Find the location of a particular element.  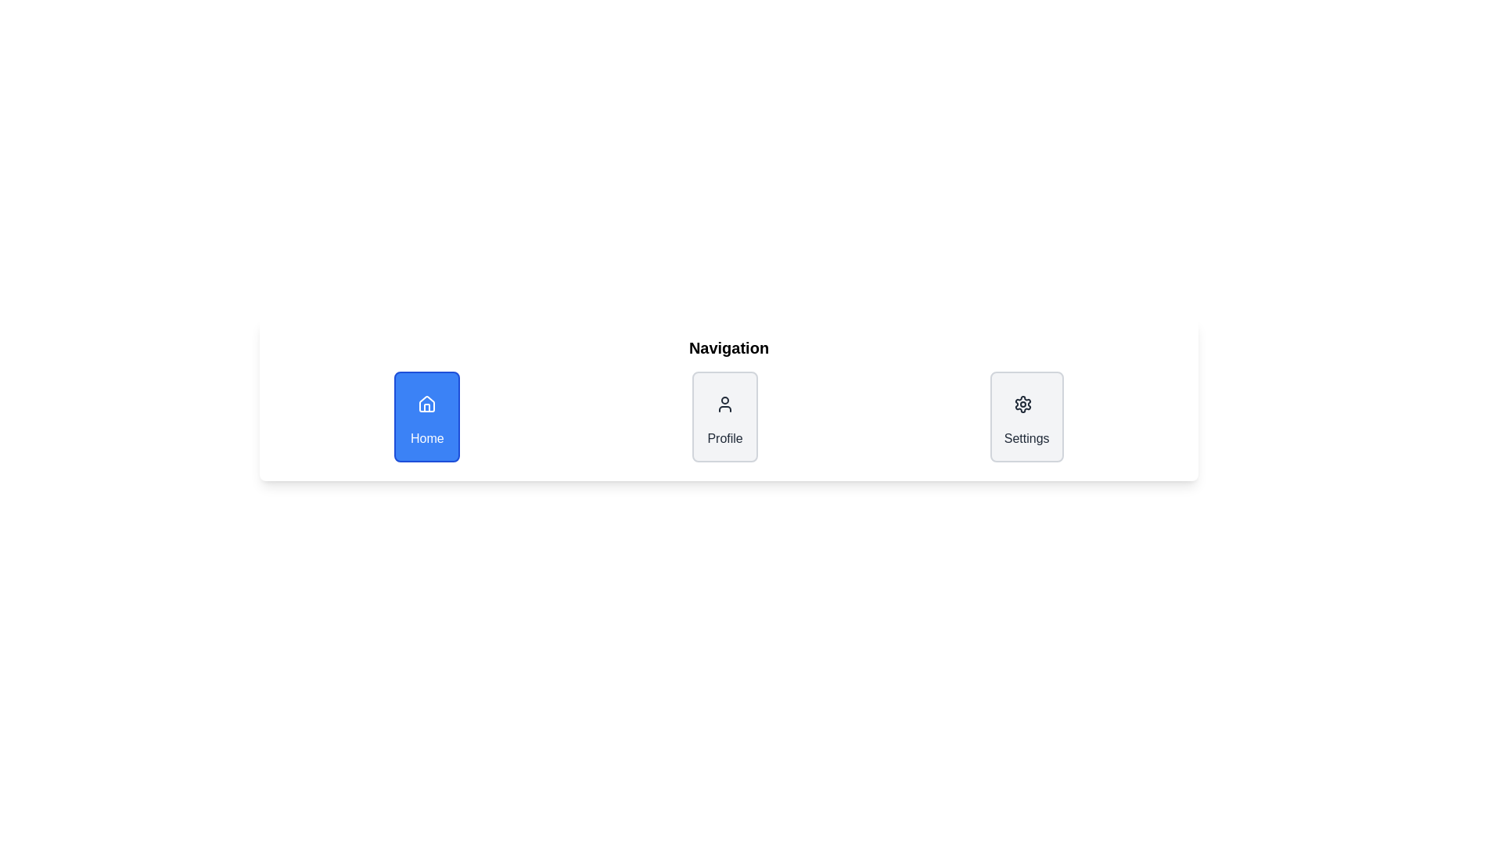

the settings icon located on the right-most side of the horizontal navigation bar, adjacent to the profile icon is located at coordinates (1022, 403).